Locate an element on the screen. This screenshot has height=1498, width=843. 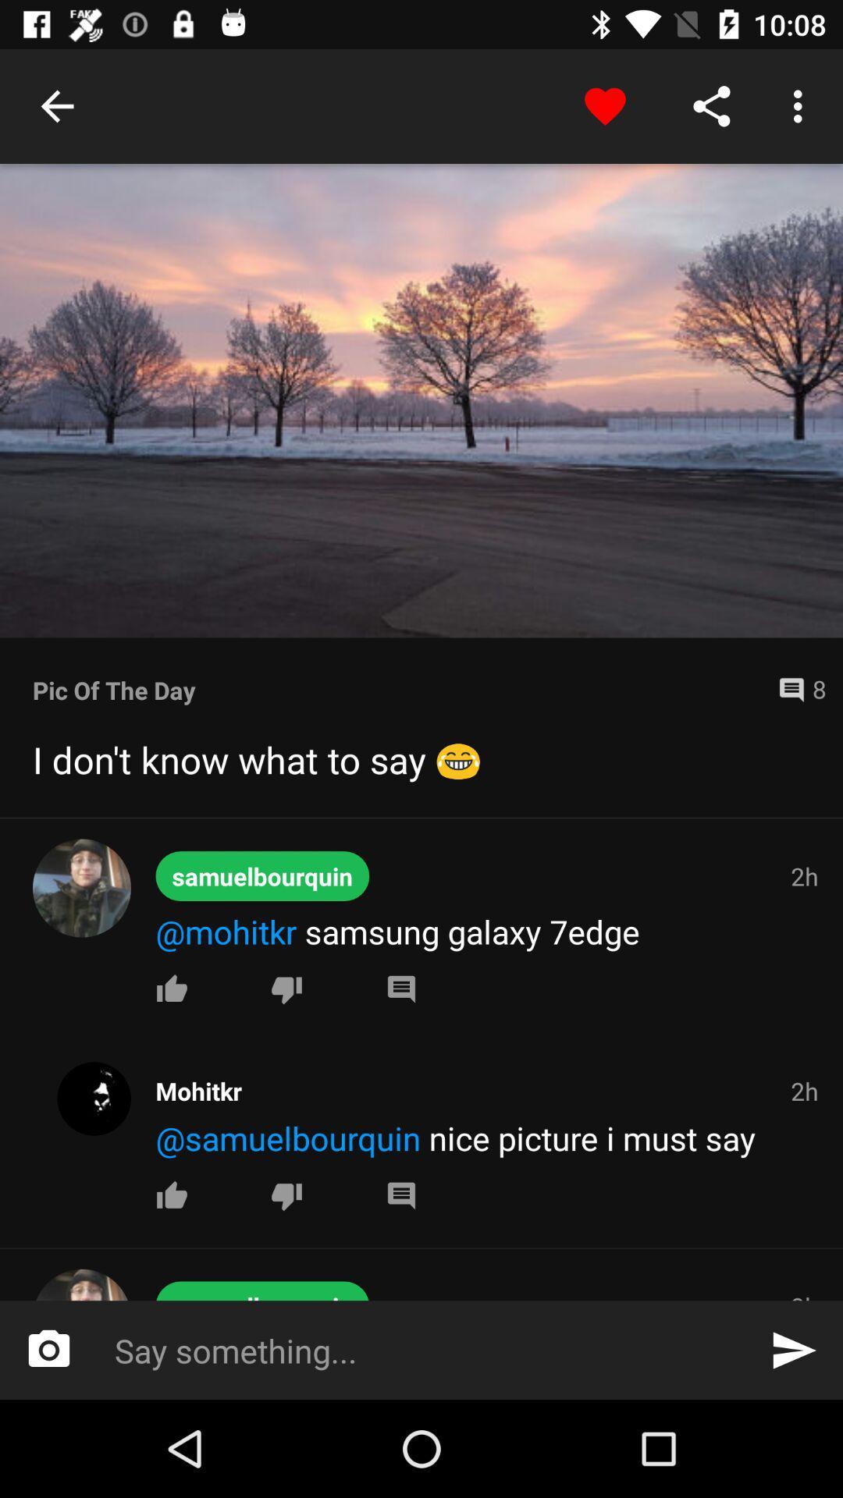
item below the 3h item is located at coordinates (794, 1350).